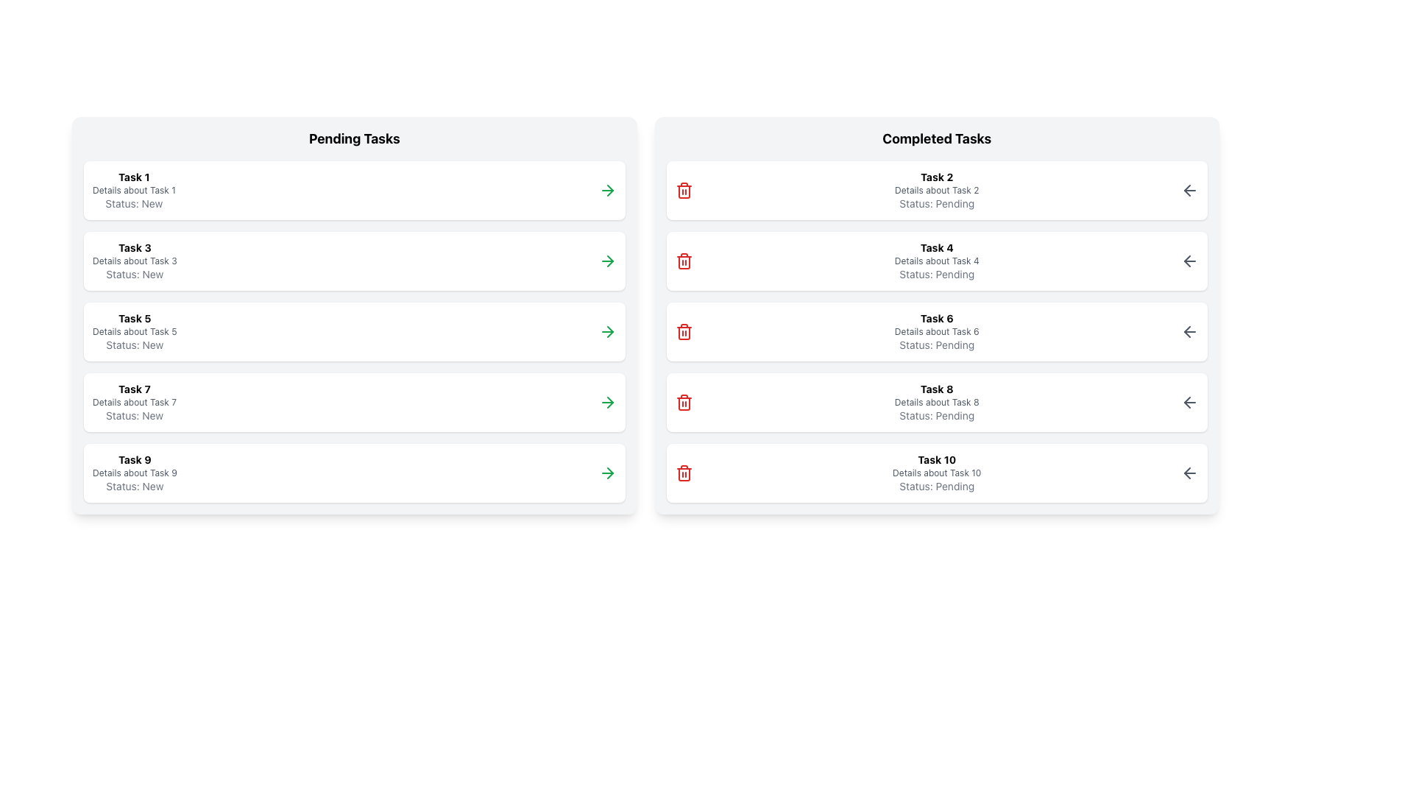  I want to click on text information provided by the Text Label located below 'Task 1' and above 'Status: New' in the uppermost card of the 'Pending Tasks' column, so click(134, 189).